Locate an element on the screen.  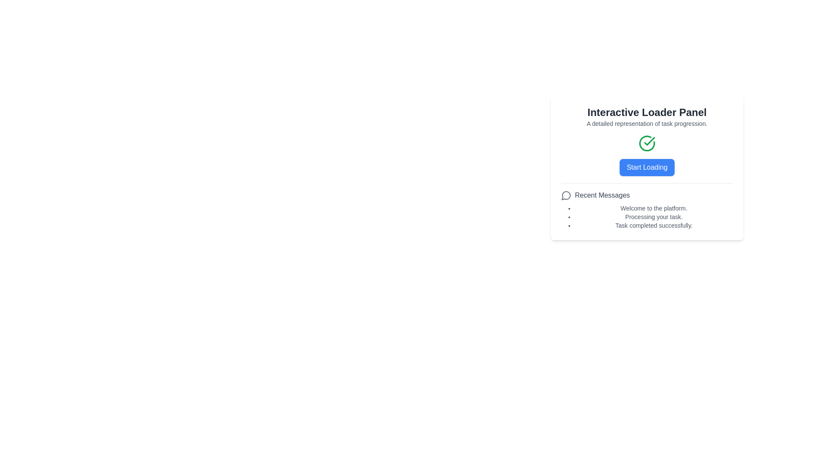
the green partial arc segment of the circular SVG graphic located above the 'Start Loading' button in the 'Interactive Loader Panel' is located at coordinates (647, 143).